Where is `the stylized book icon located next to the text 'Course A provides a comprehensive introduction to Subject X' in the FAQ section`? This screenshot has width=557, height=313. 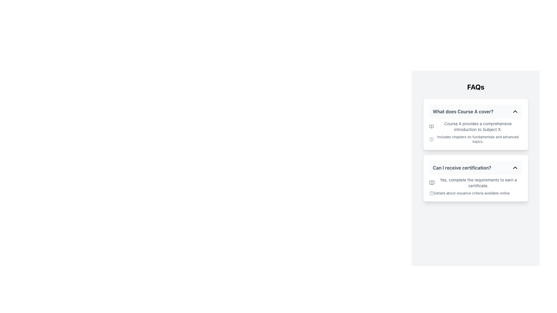 the stylized book icon located next to the text 'Course A provides a comprehensive introduction to Subject X' in the FAQ section is located at coordinates (431, 126).